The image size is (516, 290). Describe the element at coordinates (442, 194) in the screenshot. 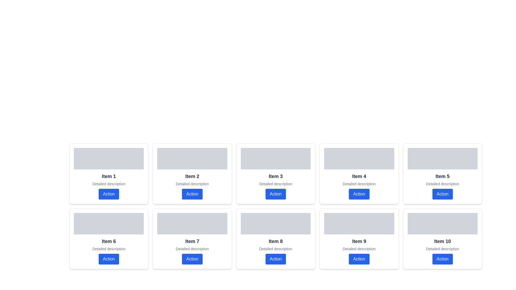

I see `the blue rounded button labeled 'Action' located at the bottom of the card for 'Item 5'` at that location.